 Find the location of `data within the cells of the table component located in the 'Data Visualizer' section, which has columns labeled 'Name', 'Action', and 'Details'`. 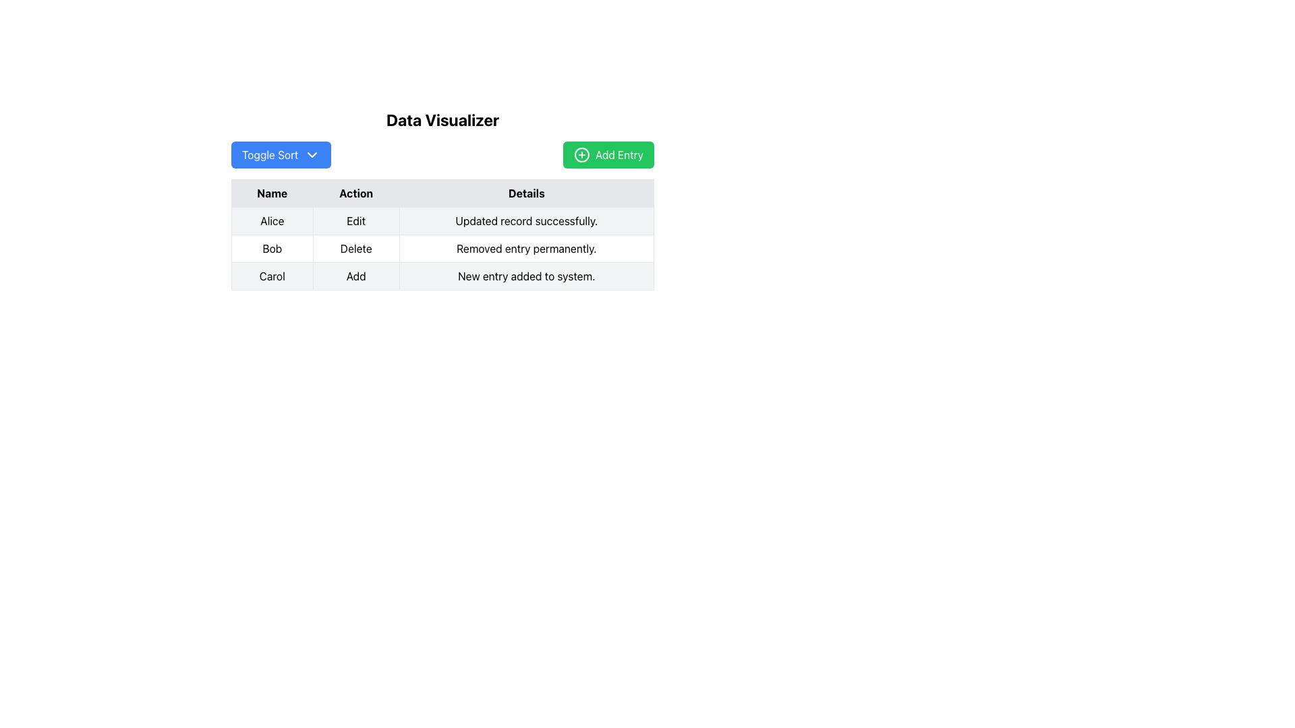

data within the cells of the table component located in the 'Data Visualizer' section, which has columns labeled 'Name', 'Action', and 'Details' is located at coordinates (442, 234).